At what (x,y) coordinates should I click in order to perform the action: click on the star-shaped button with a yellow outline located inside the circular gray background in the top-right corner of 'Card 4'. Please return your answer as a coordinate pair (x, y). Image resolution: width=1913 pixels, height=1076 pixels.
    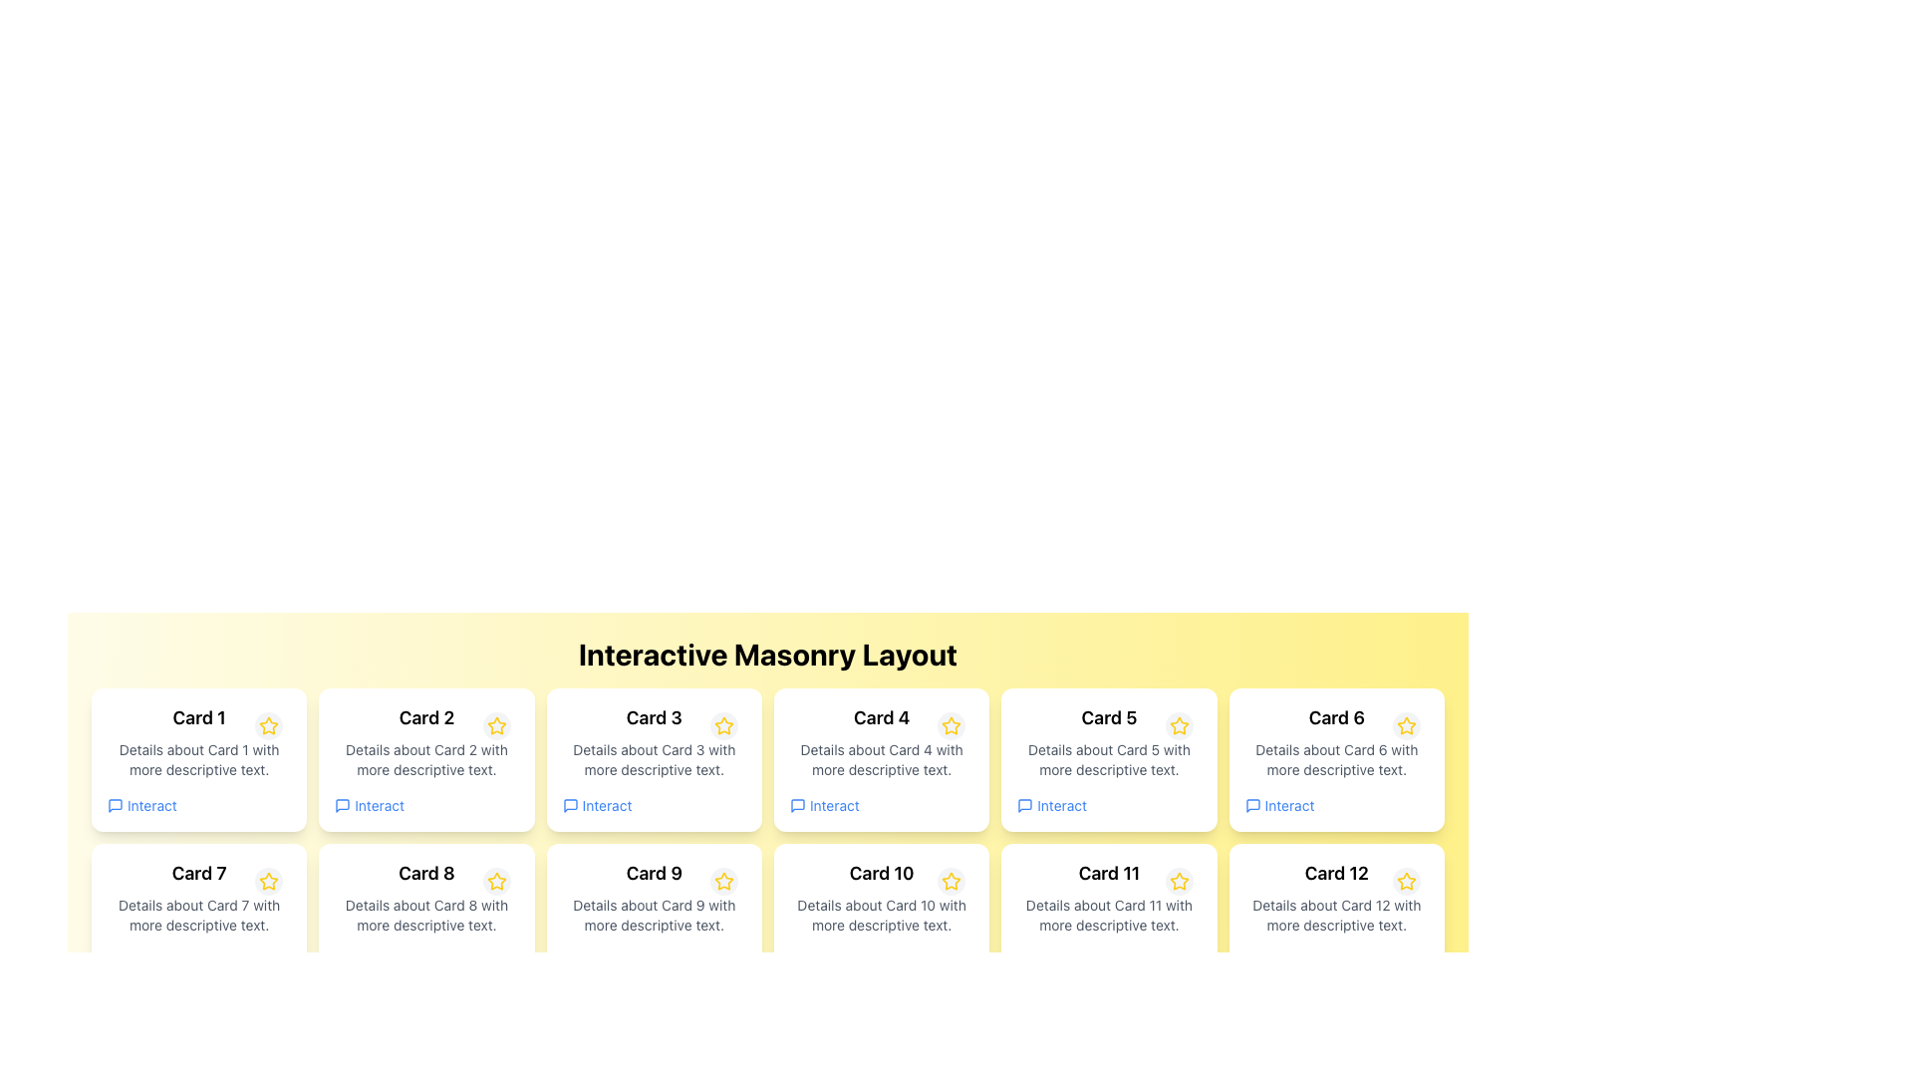
    Looking at the image, I should click on (951, 726).